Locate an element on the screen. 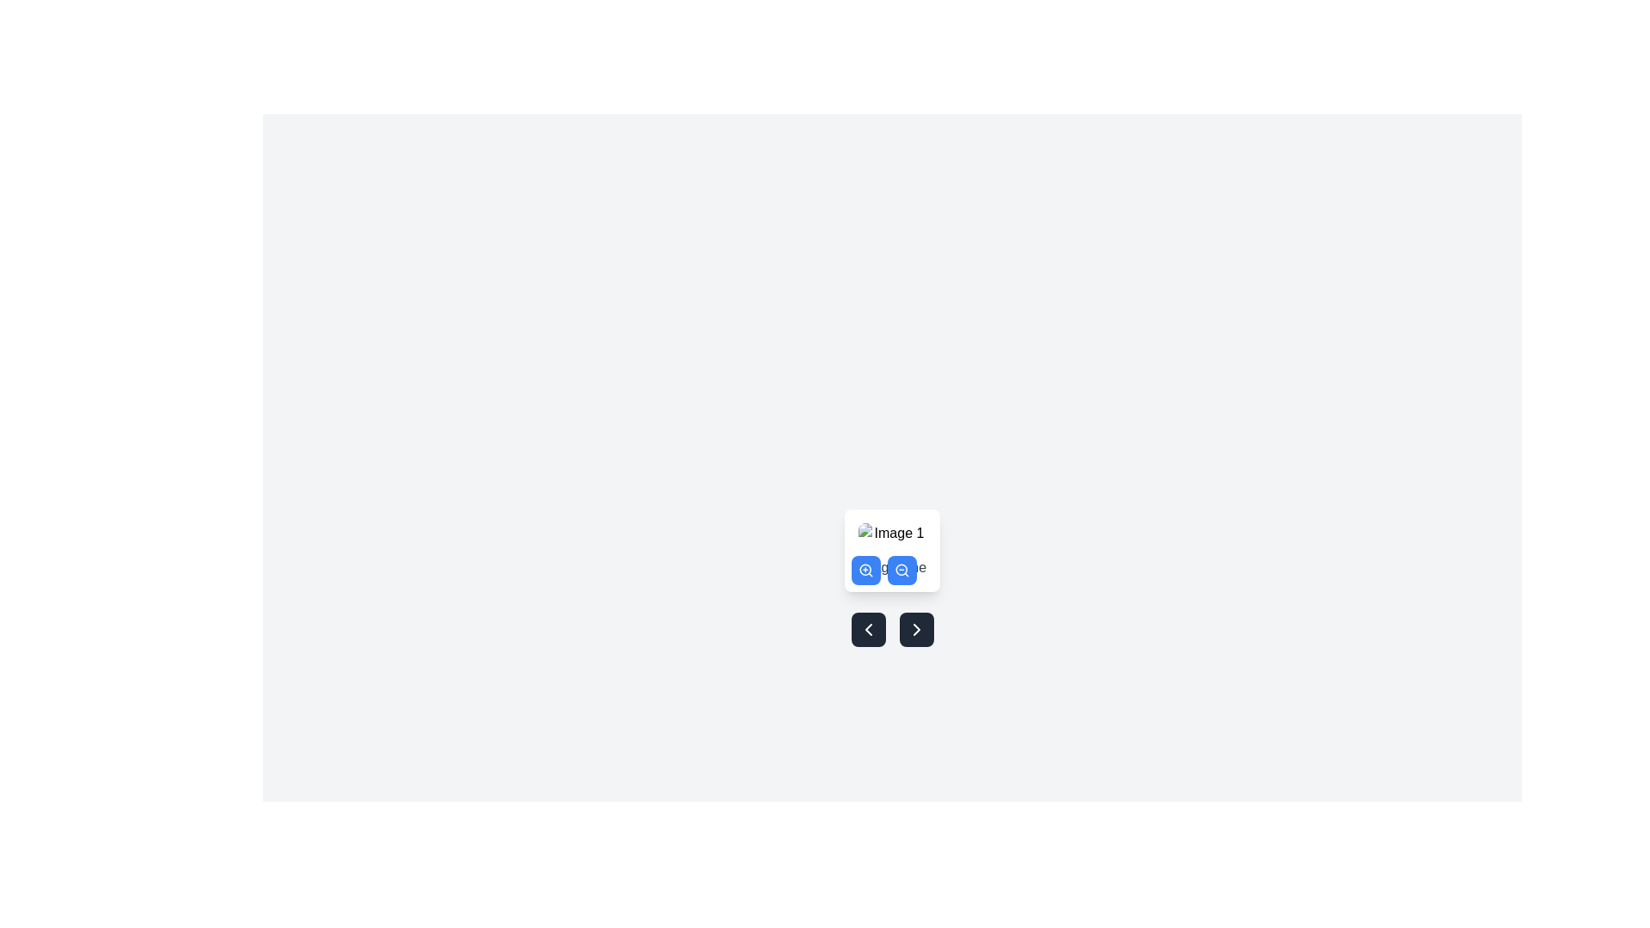 This screenshot has width=1650, height=928. the zoom out button, which is an SVG-based graphical icon within a circular button located near the bottom center of the interface, to decrease the zoom level is located at coordinates (901, 570).